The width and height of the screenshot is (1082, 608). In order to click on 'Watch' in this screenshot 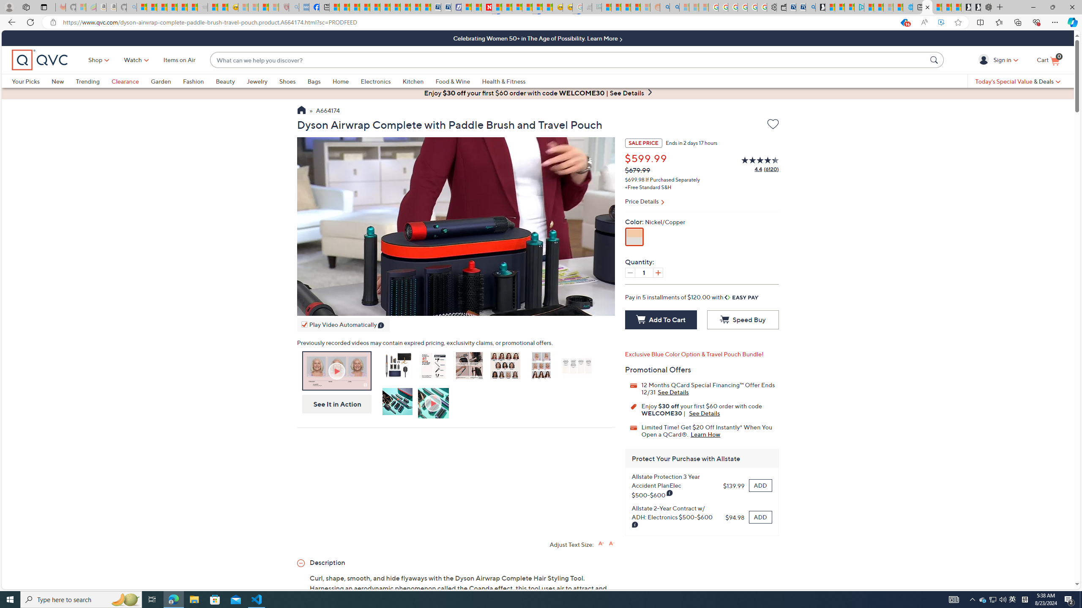, I will do `click(132, 60)`.